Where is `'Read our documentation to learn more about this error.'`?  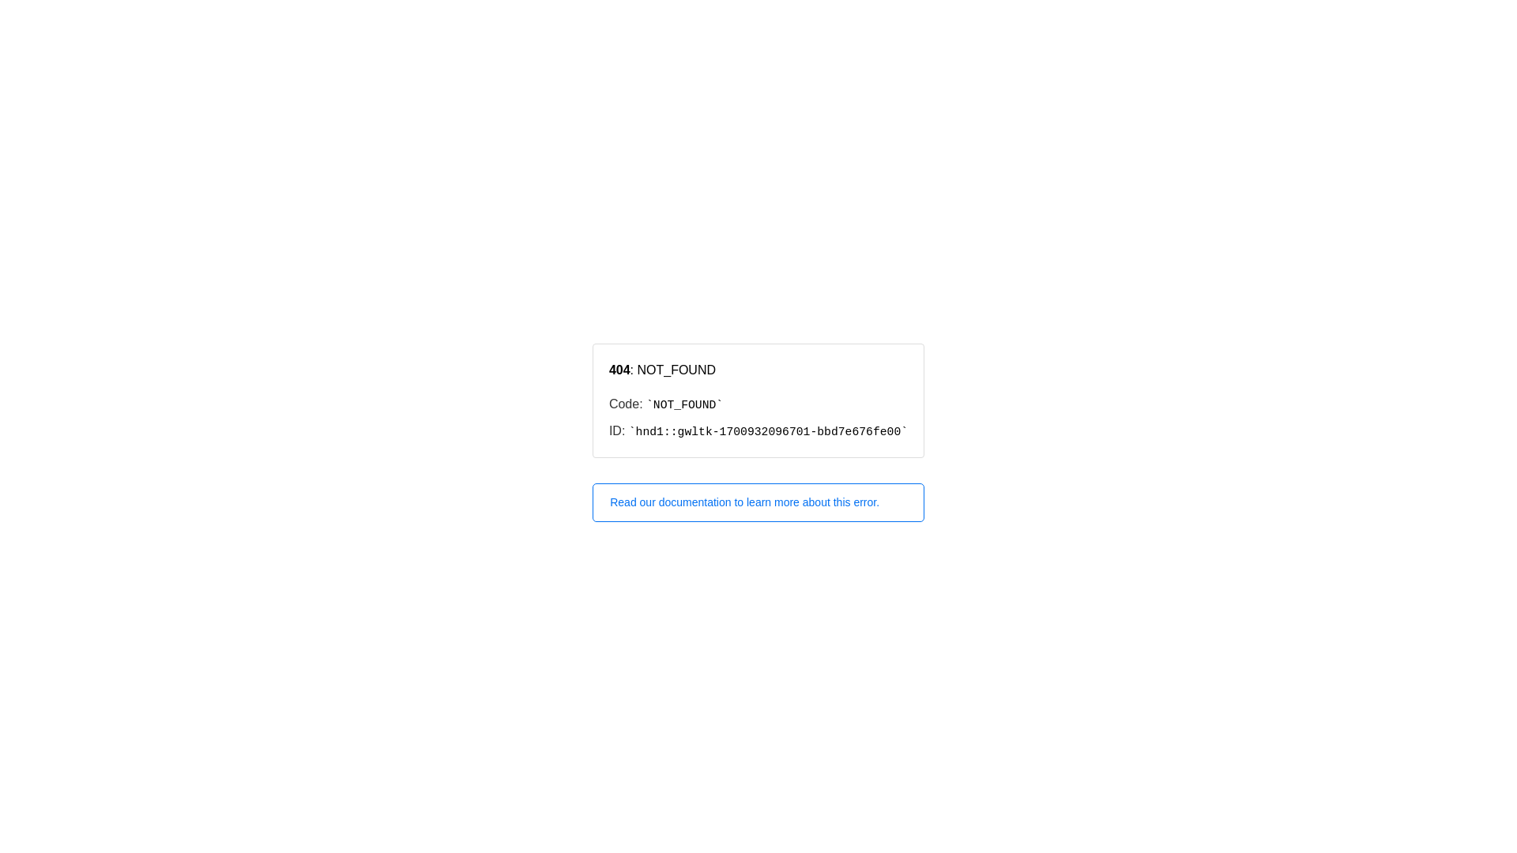
'Read our documentation to learn more about this error.' is located at coordinates (758, 502).